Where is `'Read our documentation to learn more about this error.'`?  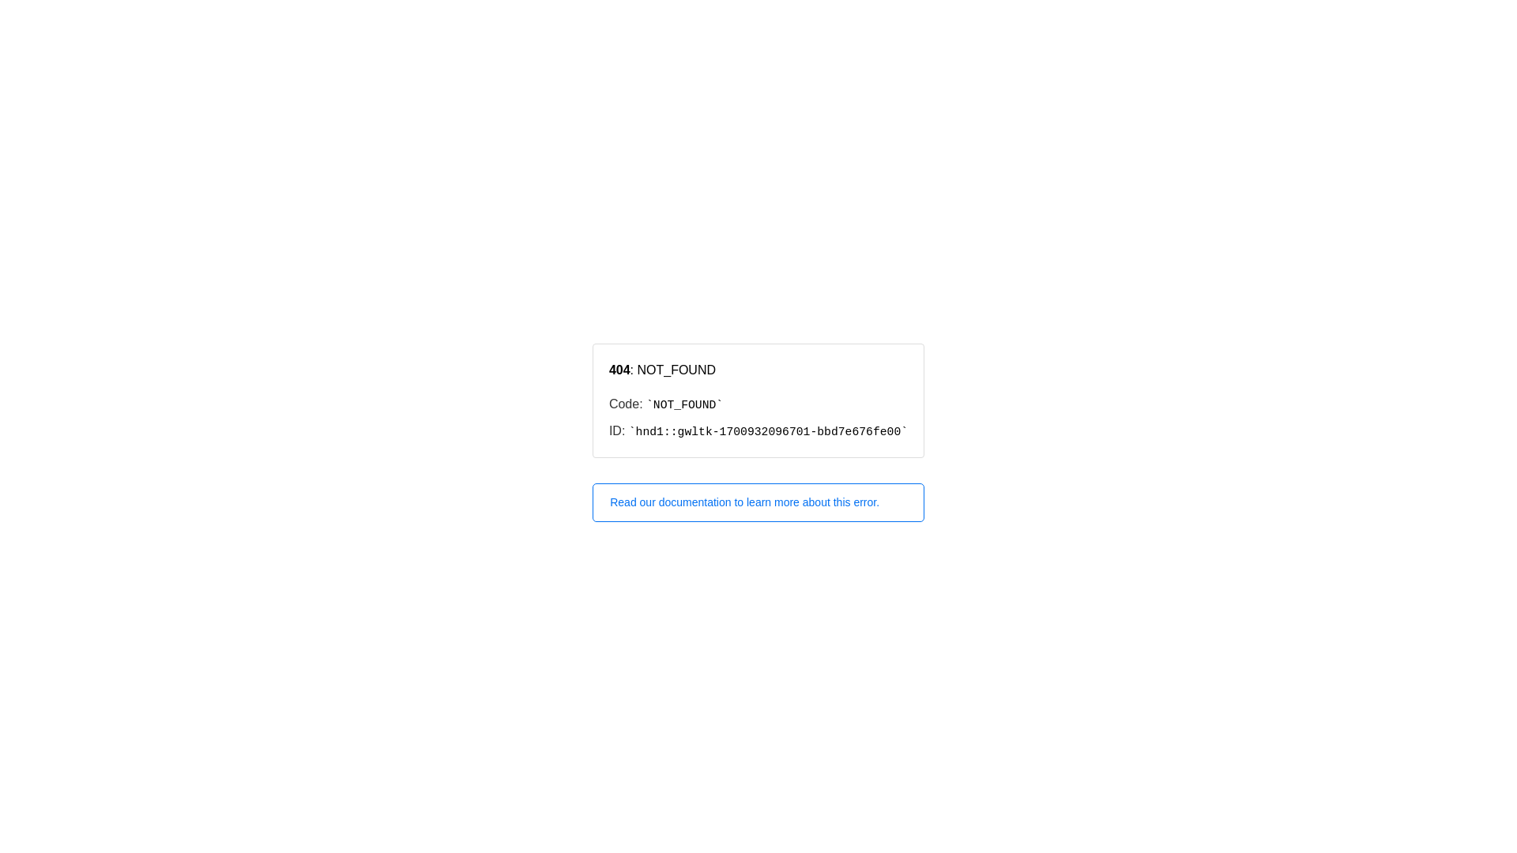
'Read our documentation to learn more about this error.' is located at coordinates (758, 502).